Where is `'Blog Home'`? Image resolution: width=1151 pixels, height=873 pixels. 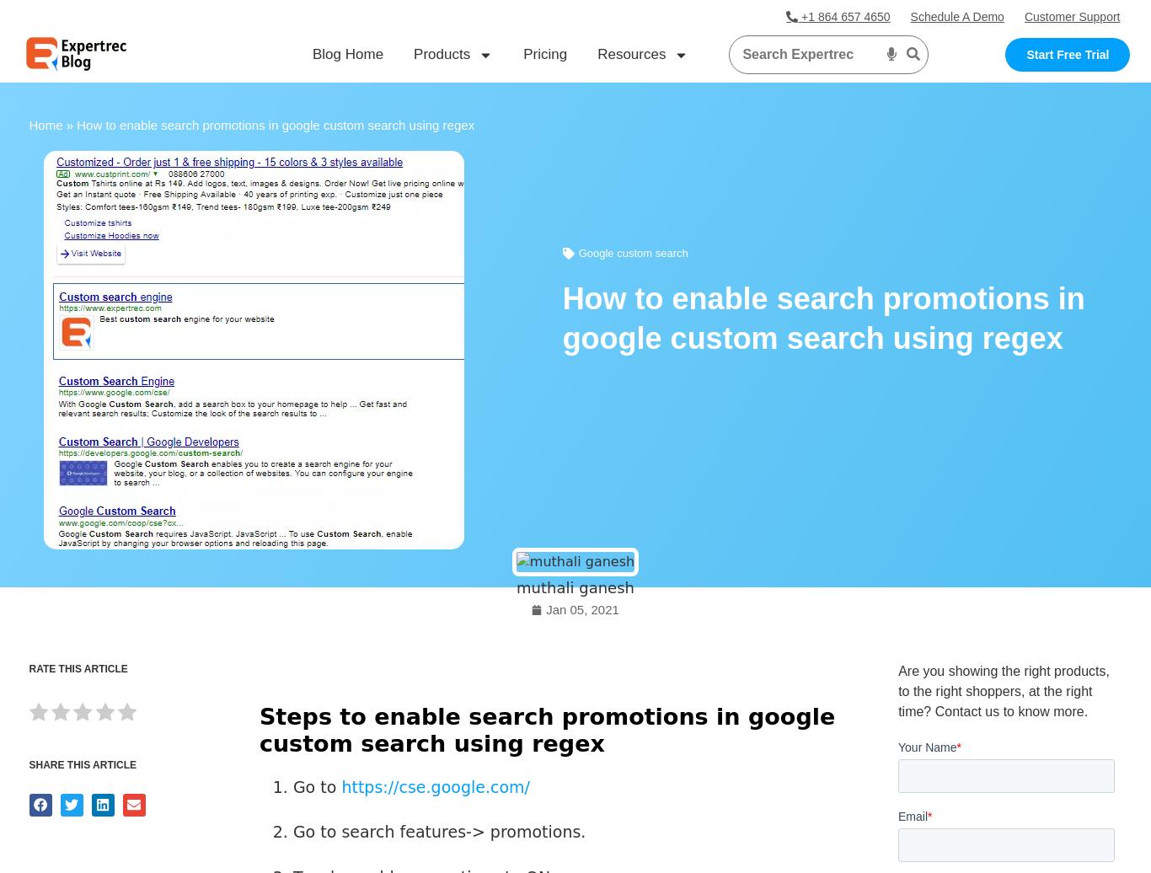 'Blog Home' is located at coordinates (346, 54).